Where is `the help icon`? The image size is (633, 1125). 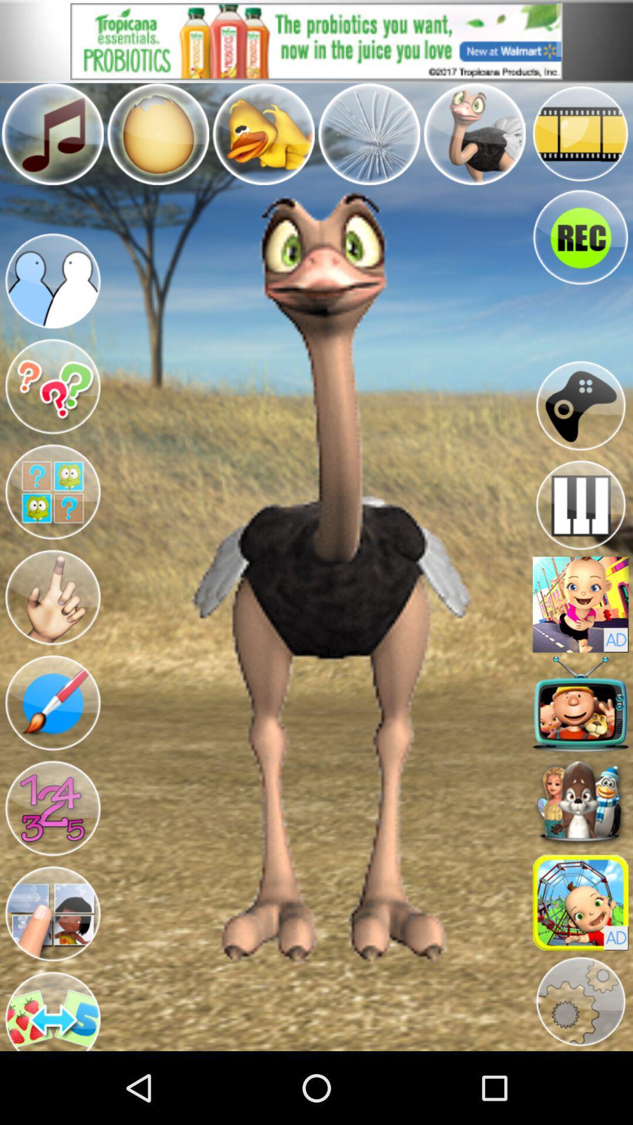 the help icon is located at coordinates (52, 414).